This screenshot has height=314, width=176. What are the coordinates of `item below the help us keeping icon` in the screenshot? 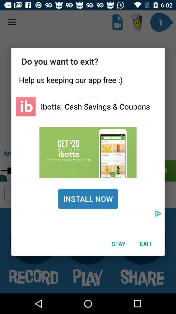 It's located at (95, 106).